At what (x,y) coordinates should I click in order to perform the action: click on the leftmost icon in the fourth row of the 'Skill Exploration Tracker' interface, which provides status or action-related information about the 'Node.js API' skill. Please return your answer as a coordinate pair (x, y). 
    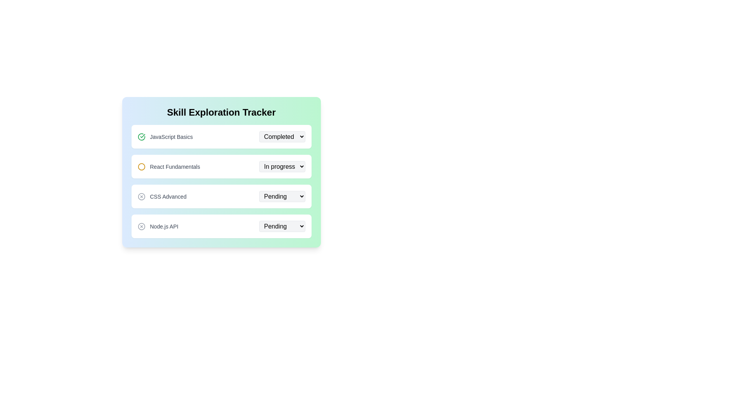
    Looking at the image, I should click on (141, 226).